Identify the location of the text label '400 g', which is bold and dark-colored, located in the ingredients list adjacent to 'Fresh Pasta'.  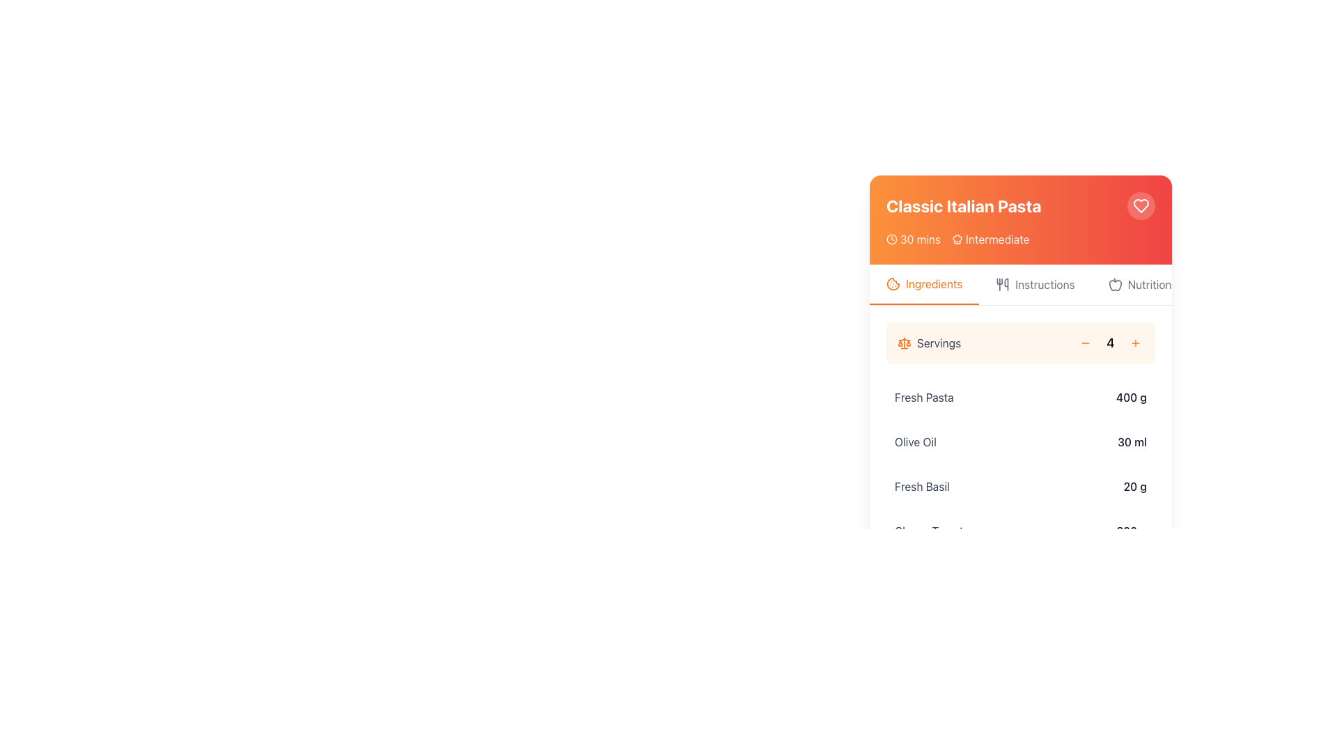
(1131, 397).